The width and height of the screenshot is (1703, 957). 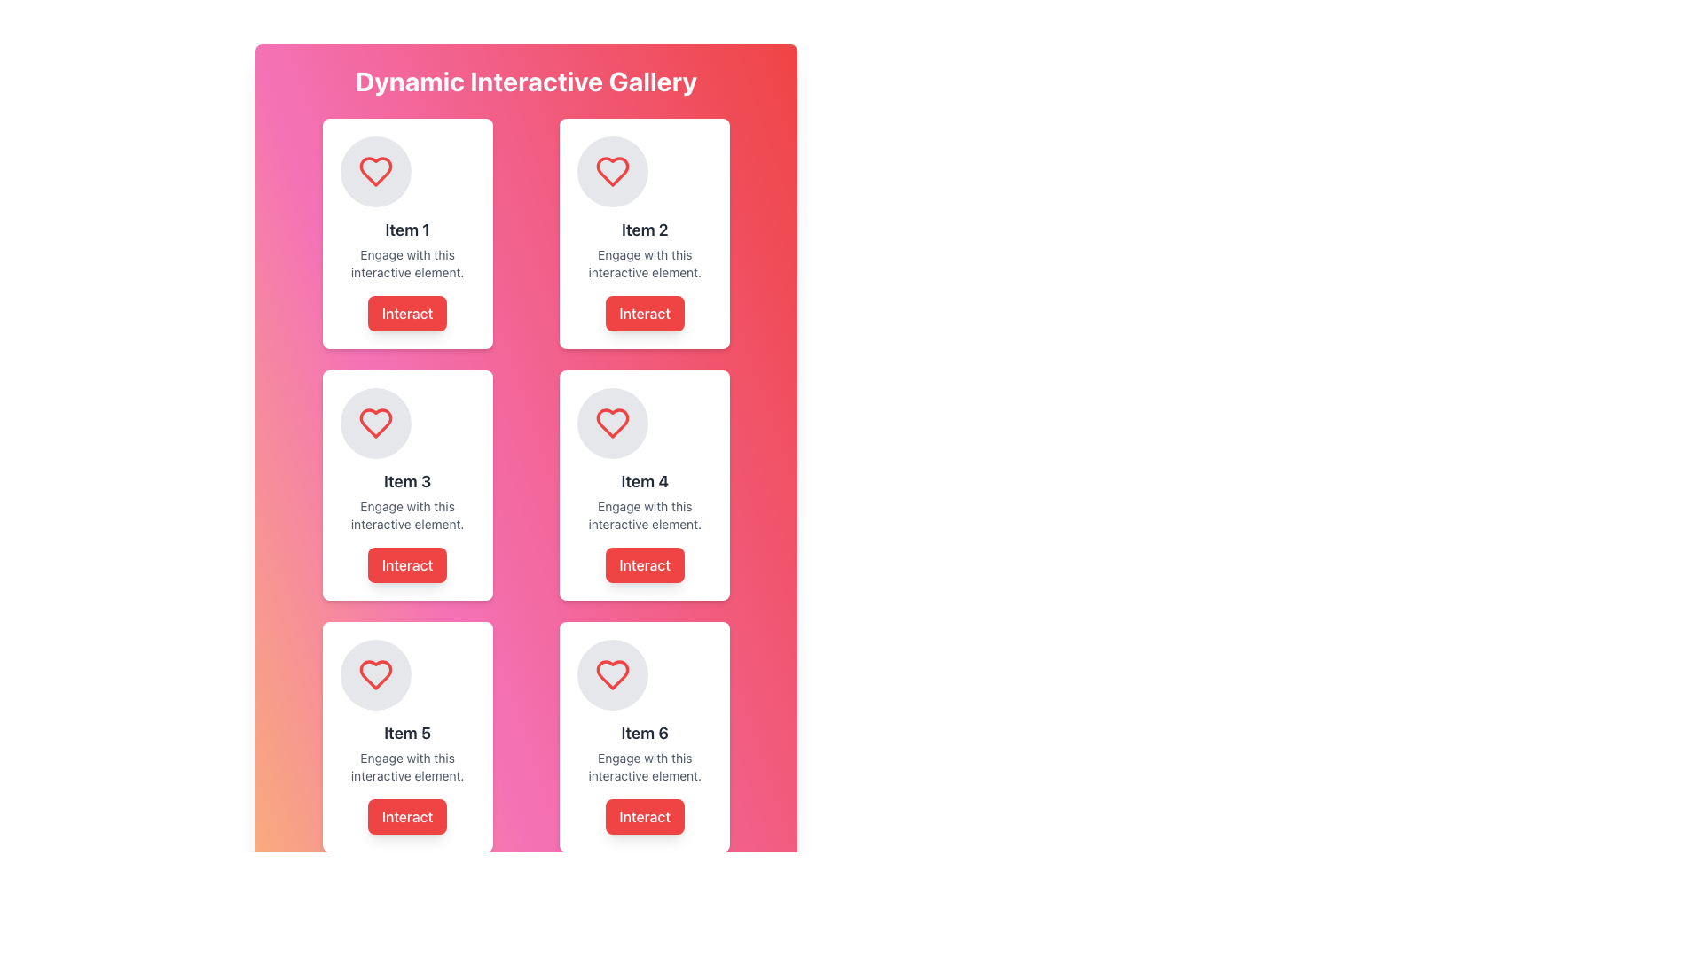 What do you see at coordinates (406, 734) in the screenshot?
I see `the text label that displays 'Item 5', which is bold and large in a dark gray font on a white background, located at the center of the leftmost card in the bottom row of the grid layout` at bounding box center [406, 734].